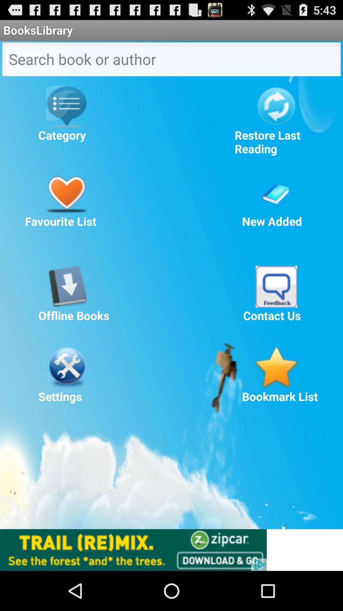 The height and width of the screenshot is (611, 343). I want to click on settings page, so click(66, 368).